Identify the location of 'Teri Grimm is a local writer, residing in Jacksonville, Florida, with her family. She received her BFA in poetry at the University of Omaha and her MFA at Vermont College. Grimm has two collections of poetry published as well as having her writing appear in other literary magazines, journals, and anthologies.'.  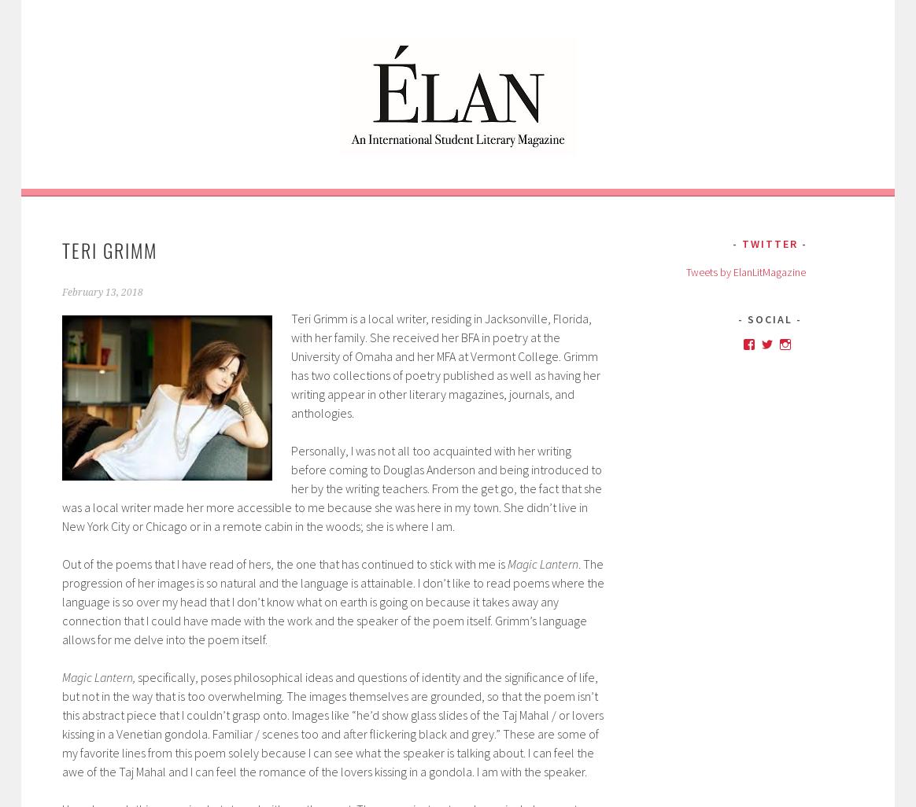
(444, 363).